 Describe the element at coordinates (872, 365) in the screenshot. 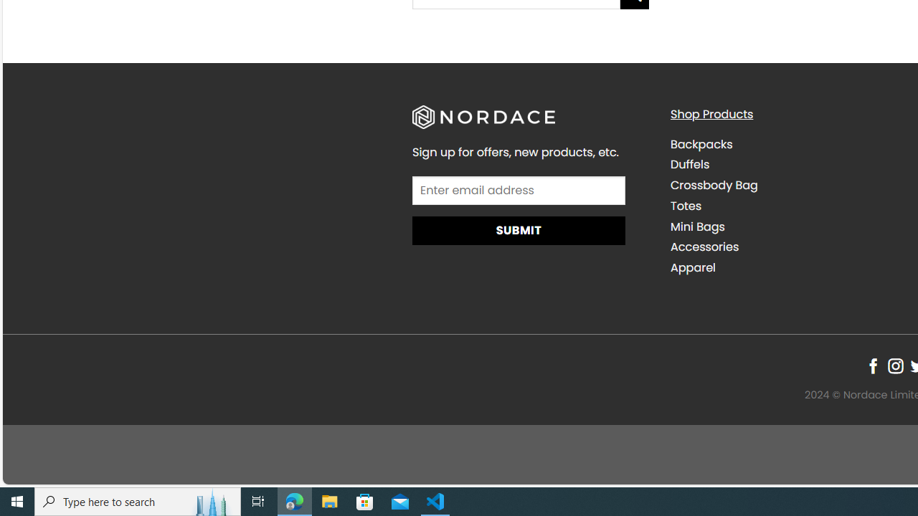

I see `'Follow on Facebook'` at that location.